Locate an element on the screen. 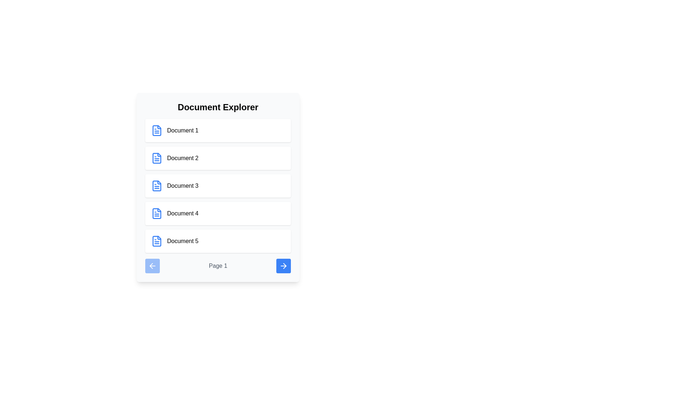  the document icon labeled 'Document 2', which is represented by a small blue rectangular outline with a folded corner, located in the second position among the document icons is located at coordinates (157, 158).